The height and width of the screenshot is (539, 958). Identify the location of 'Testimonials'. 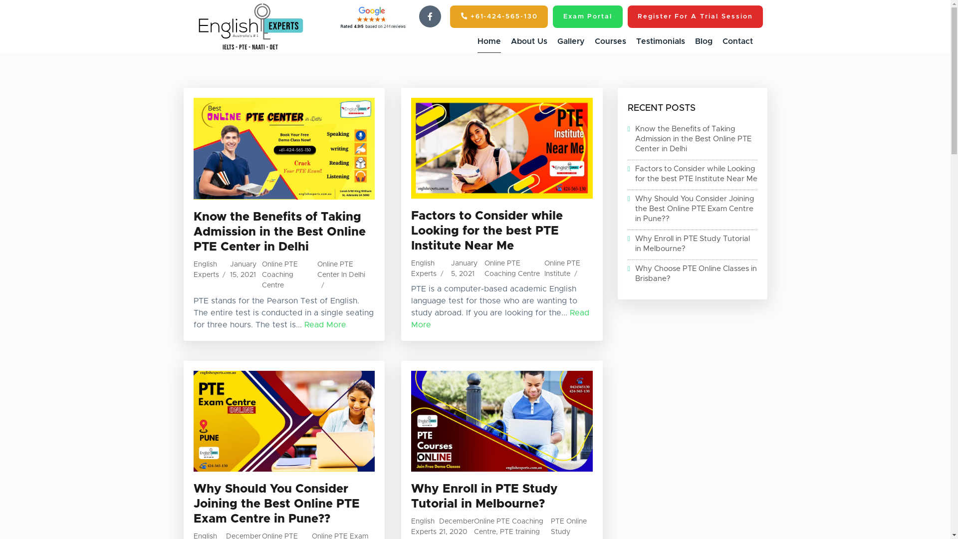
(635, 41).